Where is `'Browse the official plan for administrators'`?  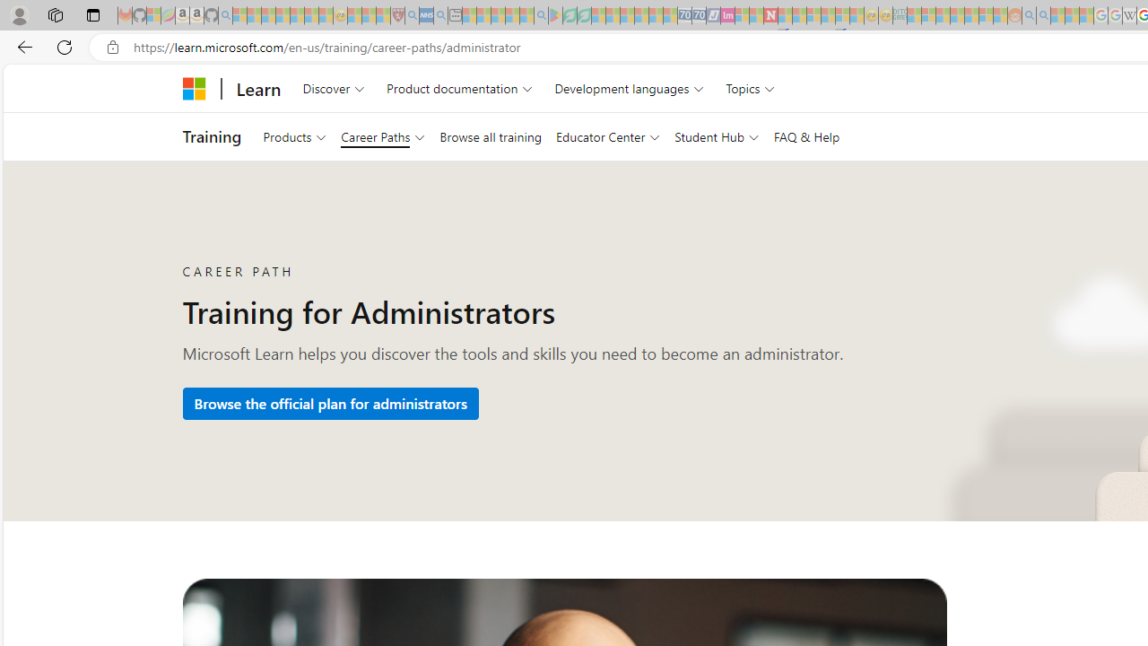 'Browse the official plan for administrators' is located at coordinates (330, 402).